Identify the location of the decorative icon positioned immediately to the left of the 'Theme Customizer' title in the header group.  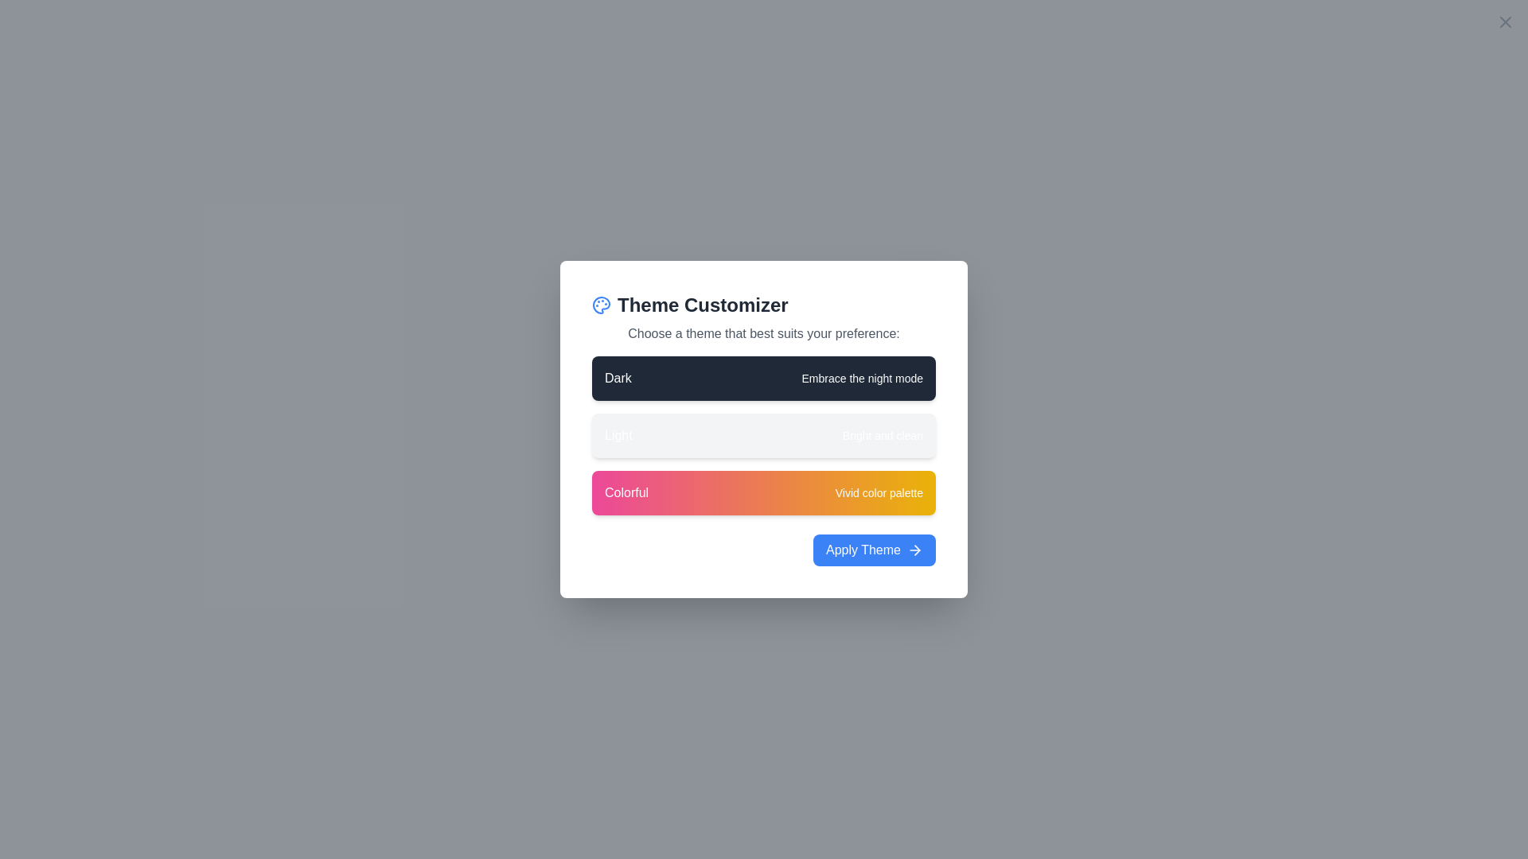
(600, 305).